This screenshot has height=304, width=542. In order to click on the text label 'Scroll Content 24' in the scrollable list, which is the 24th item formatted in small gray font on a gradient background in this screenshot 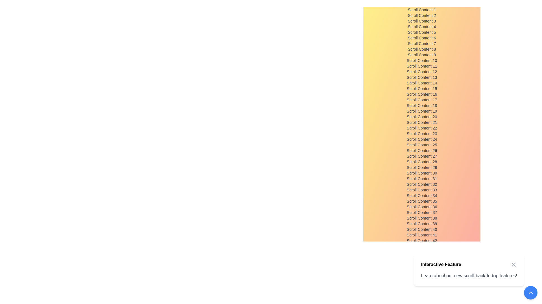, I will do `click(422, 139)`.